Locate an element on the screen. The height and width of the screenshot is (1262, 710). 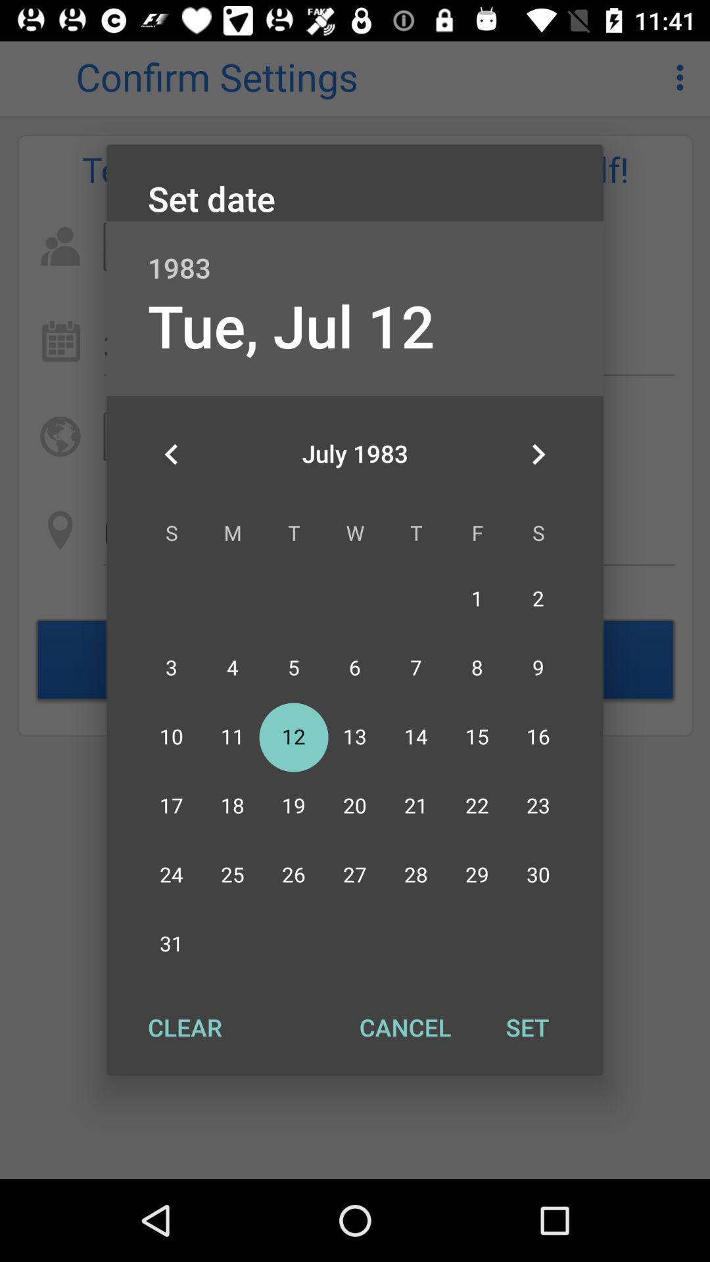
the clear at the bottom left corner is located at coordinates (185, 1027).